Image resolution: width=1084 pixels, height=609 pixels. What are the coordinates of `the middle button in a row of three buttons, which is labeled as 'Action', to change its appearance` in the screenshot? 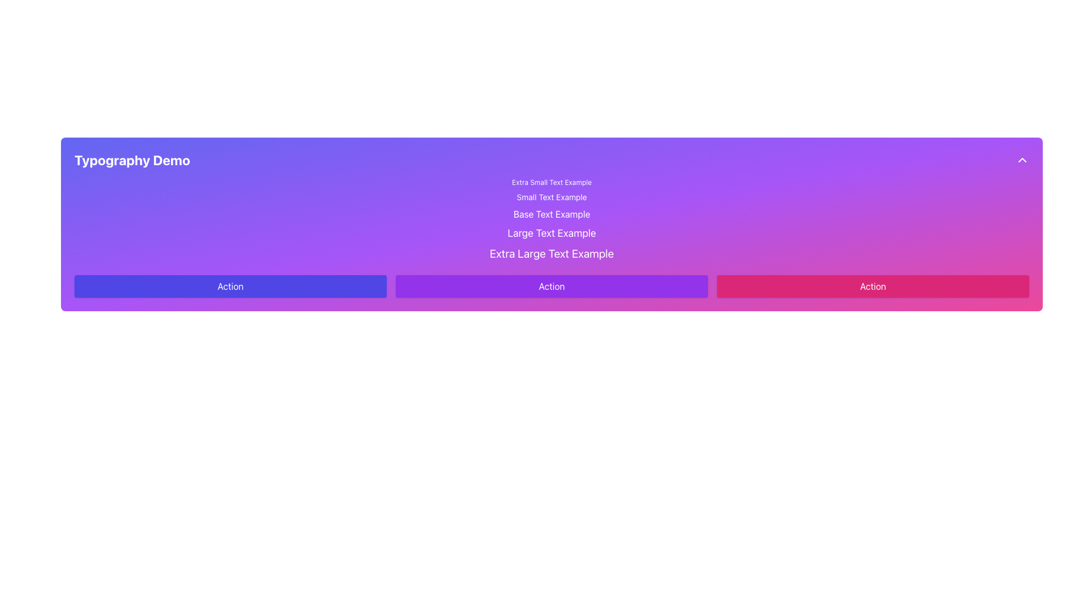 It's located at (552, 286).